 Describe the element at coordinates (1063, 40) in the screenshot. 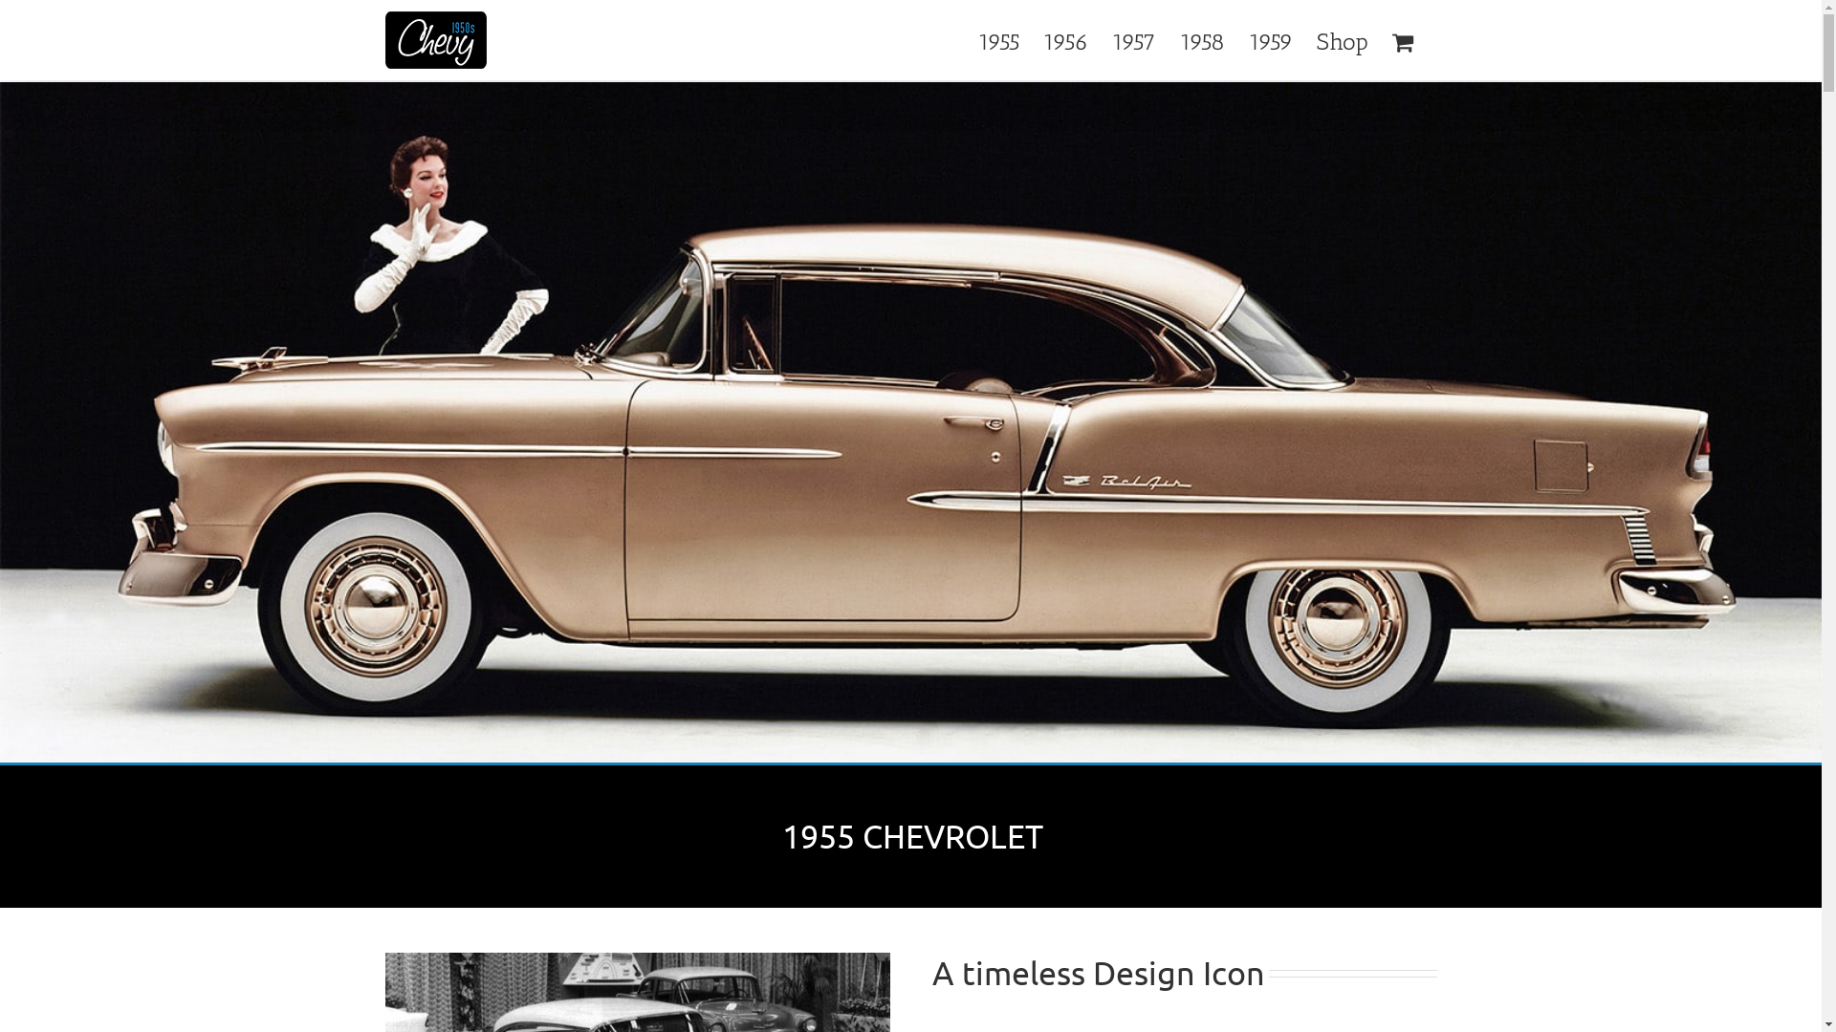

I see `'1956'` at that location.